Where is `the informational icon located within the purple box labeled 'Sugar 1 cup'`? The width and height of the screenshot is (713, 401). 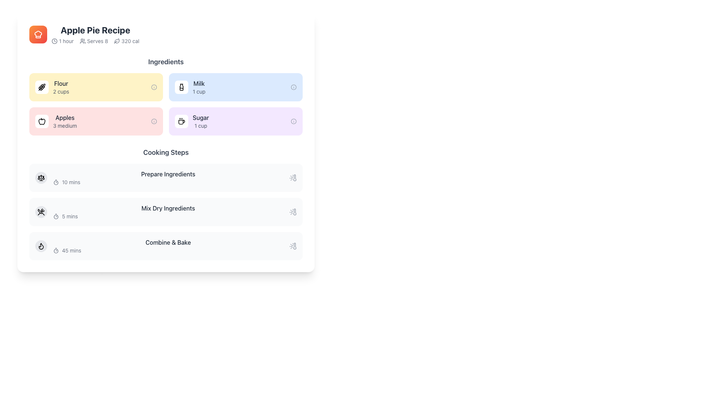 the informational icon located within the purple box labeled 'Sugar 1 cup' is located at coordinates (293, 121).